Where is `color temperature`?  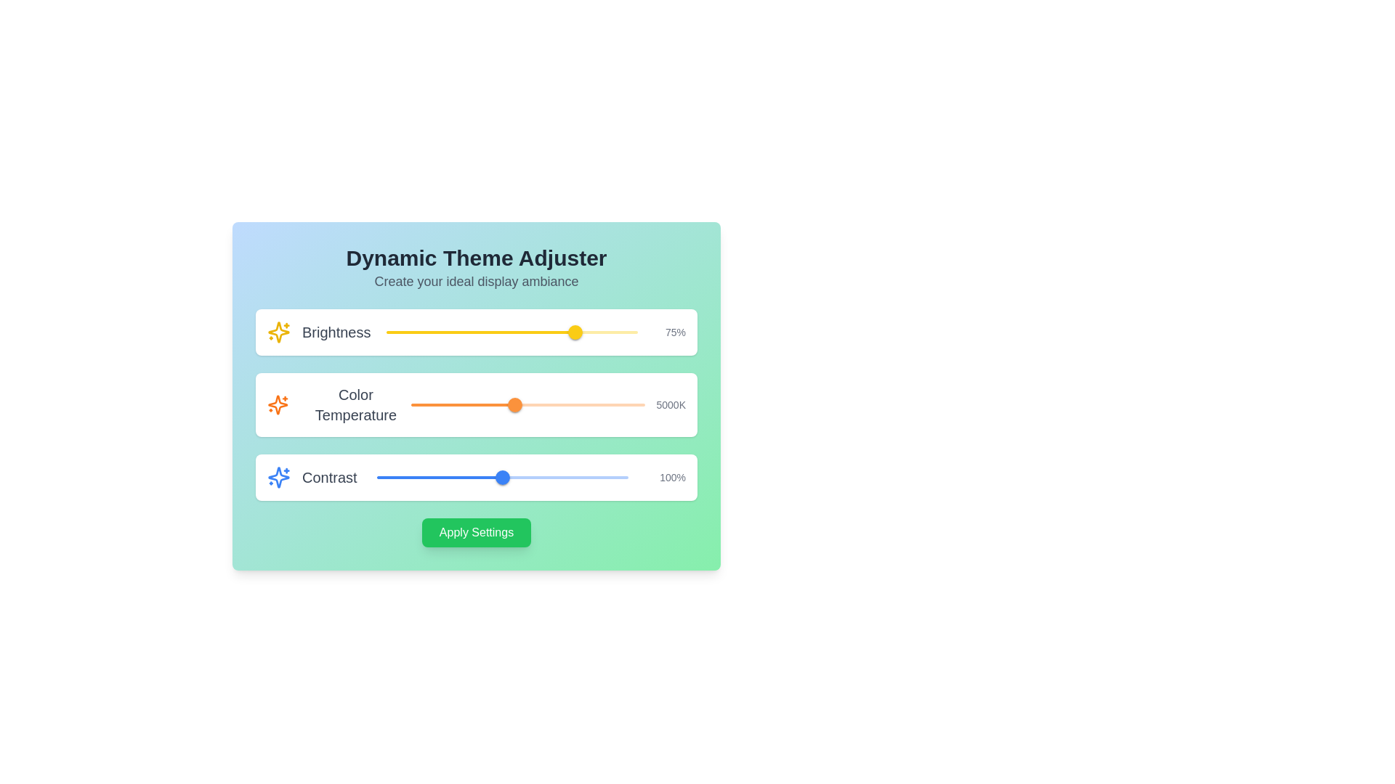 color temperature is located at coordinates (498, 405).